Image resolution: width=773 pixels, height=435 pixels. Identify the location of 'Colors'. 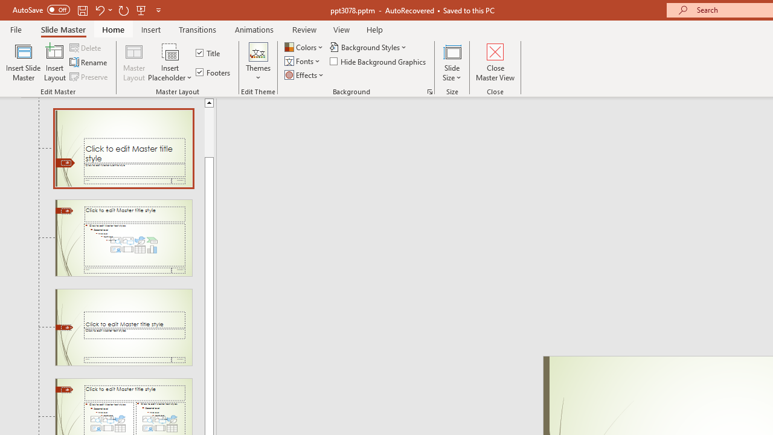
(304, 47).